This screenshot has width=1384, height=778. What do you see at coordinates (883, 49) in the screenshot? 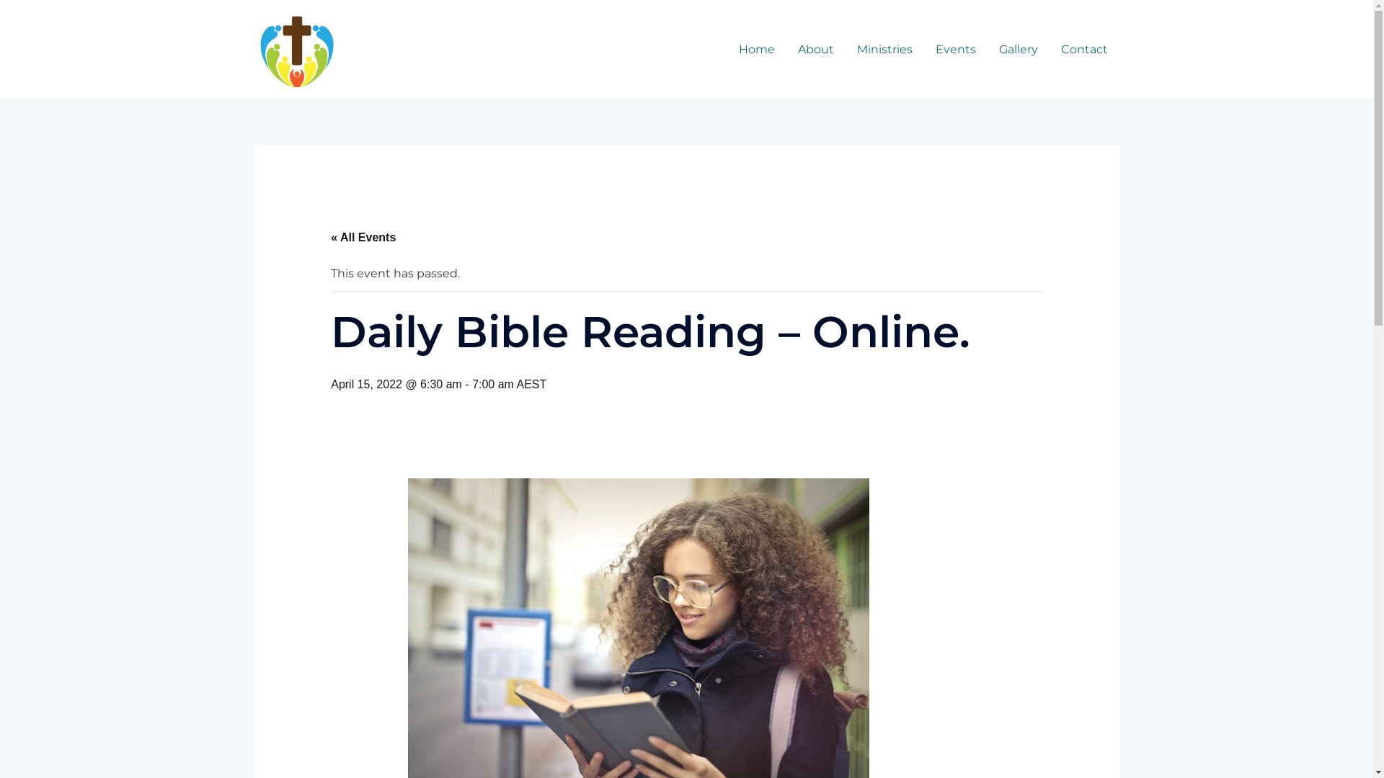
I see `'Ministries'` at bounding box center [883, 49].